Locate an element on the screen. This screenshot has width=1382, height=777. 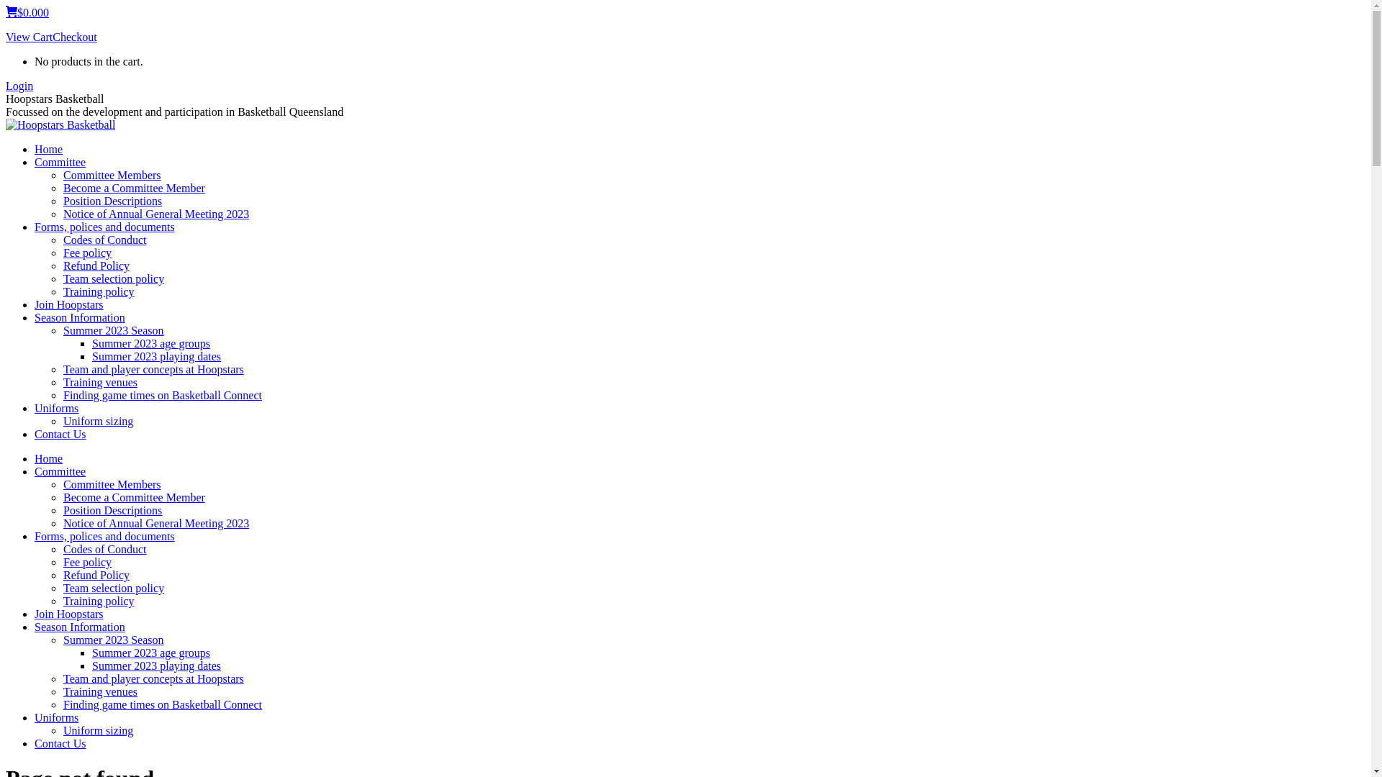
'Summer 2023 playing dates' is located at coordinates (156, 665).